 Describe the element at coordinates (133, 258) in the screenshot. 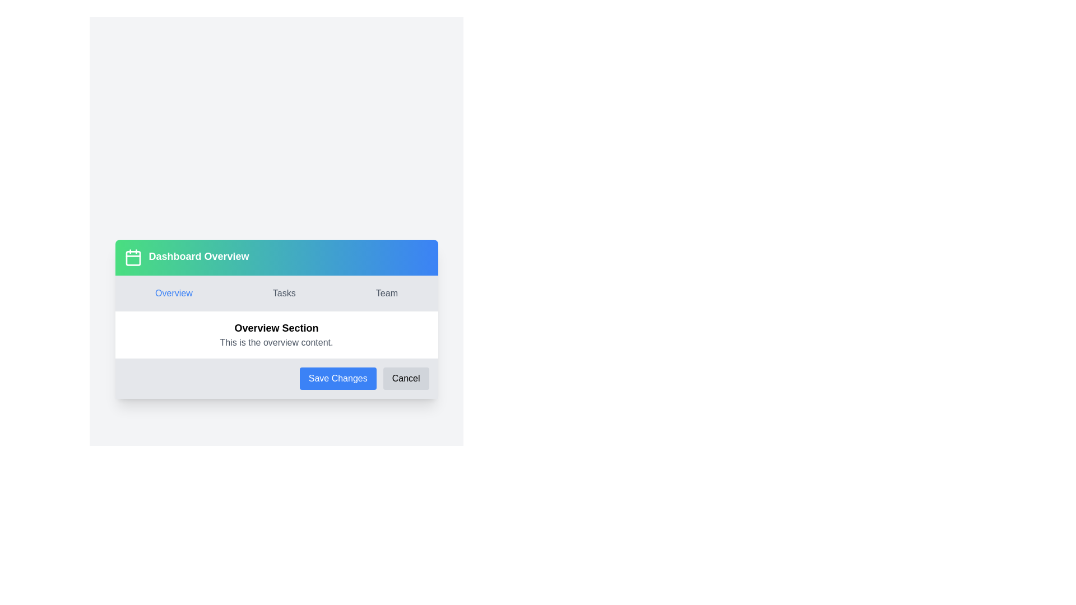

I see `small green square with rounded corners located inside the calendar icon, which is positioned below the top border of the calendar in the header section` at that location.